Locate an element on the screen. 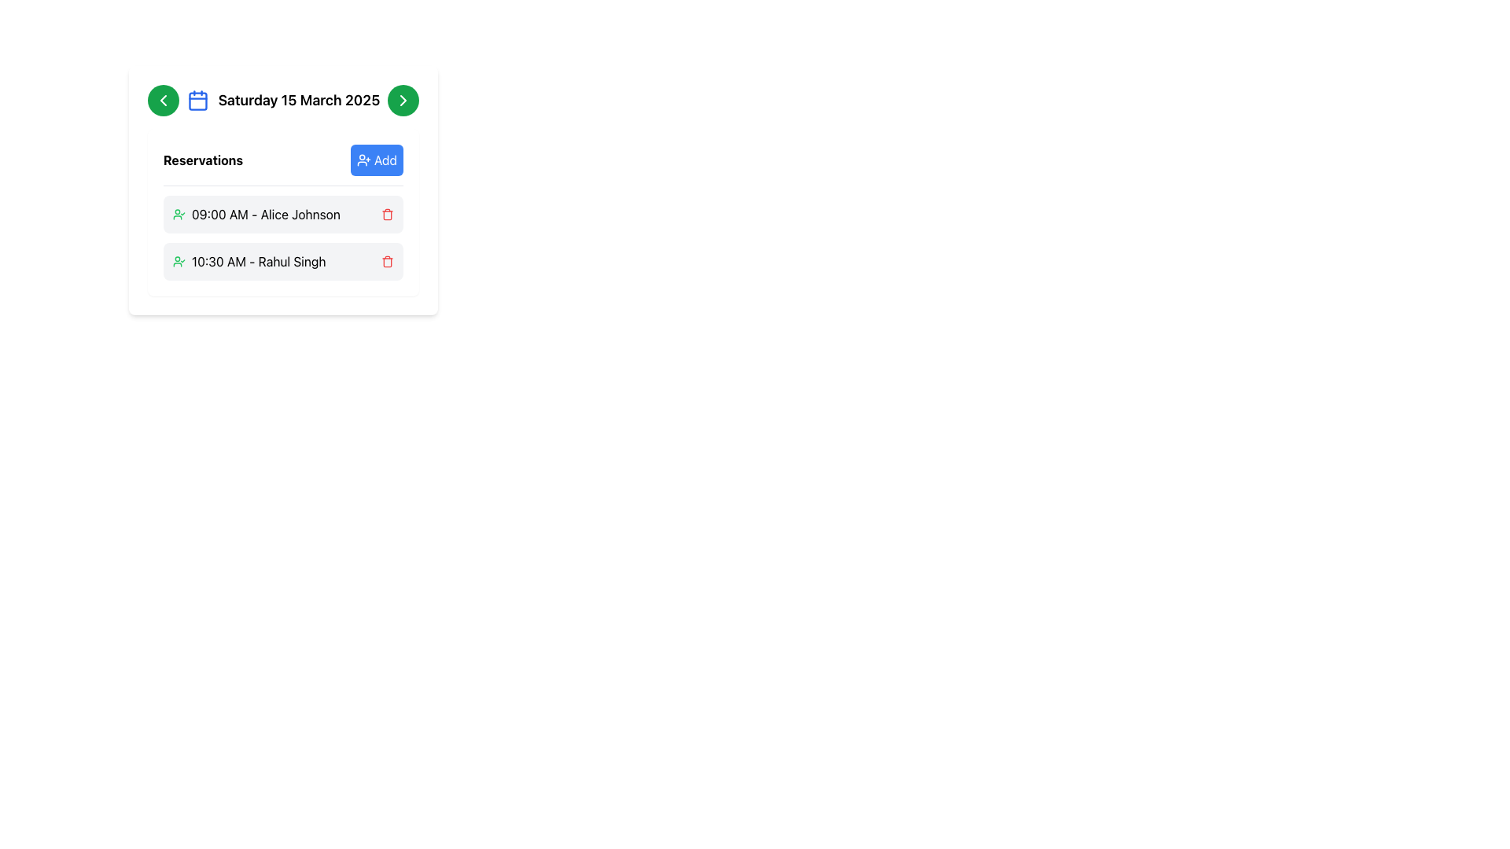 The height and width of the screenshot is (849, 1510). the delete button located at the far right of the reservation entry for '<time> AM - Rahul Singh' is located at coordinates (388, 260).